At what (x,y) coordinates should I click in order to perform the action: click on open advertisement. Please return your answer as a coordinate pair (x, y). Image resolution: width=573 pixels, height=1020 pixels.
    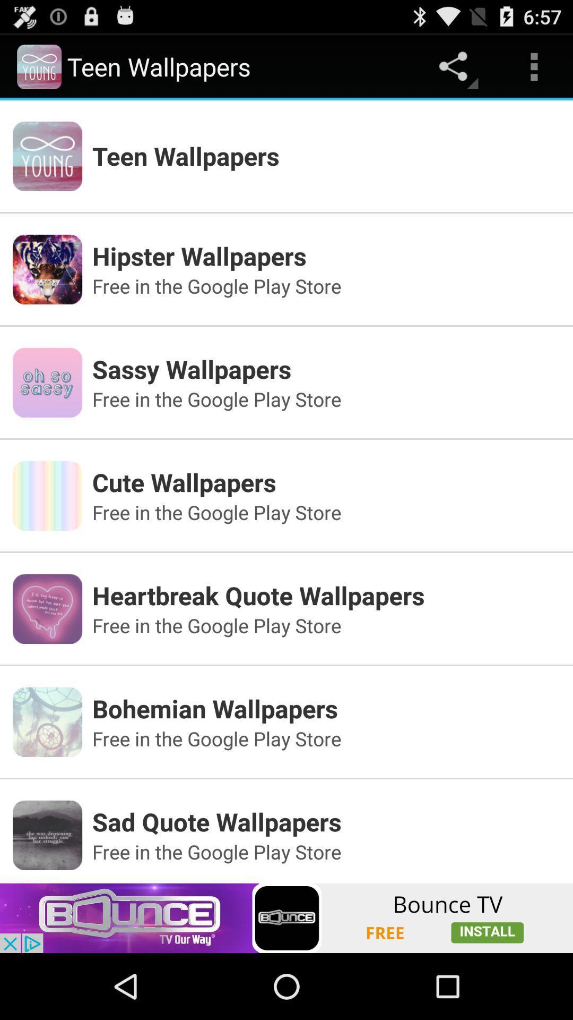
    Looking at the image, I should click on (286, 917).